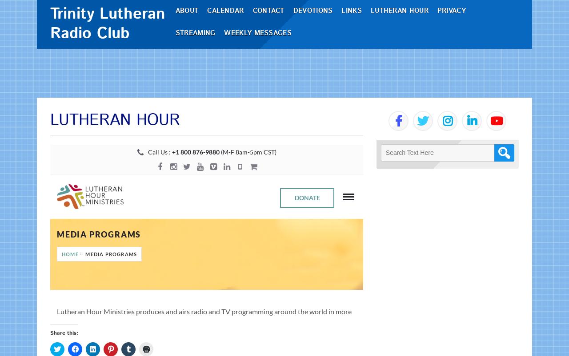 This screenshot has width=569, height=356. I want to click on 'Links', so click(344, 35).